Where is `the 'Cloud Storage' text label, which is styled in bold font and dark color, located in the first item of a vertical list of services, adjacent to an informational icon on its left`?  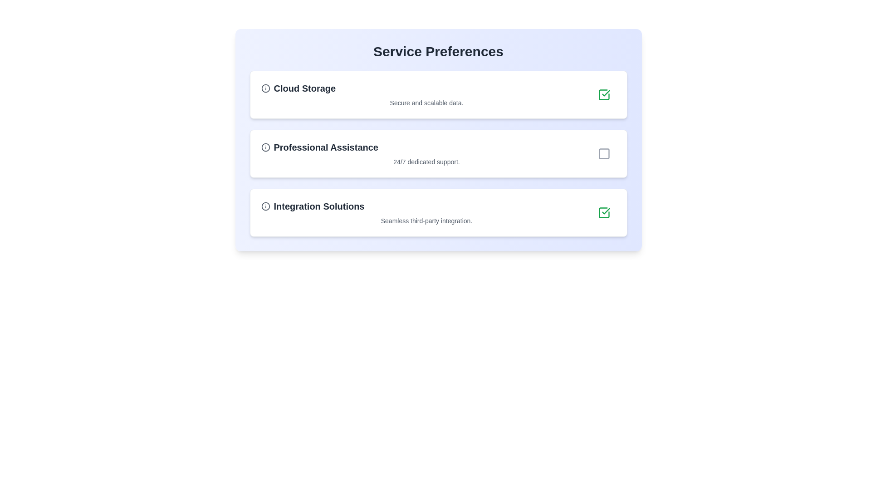 the 'Cloud Storage' text label, which is styled in bold font and dark color, located in the first item of a vertical list of services, adjacent to an informational icon on its left is located at coordinates (304, 88).